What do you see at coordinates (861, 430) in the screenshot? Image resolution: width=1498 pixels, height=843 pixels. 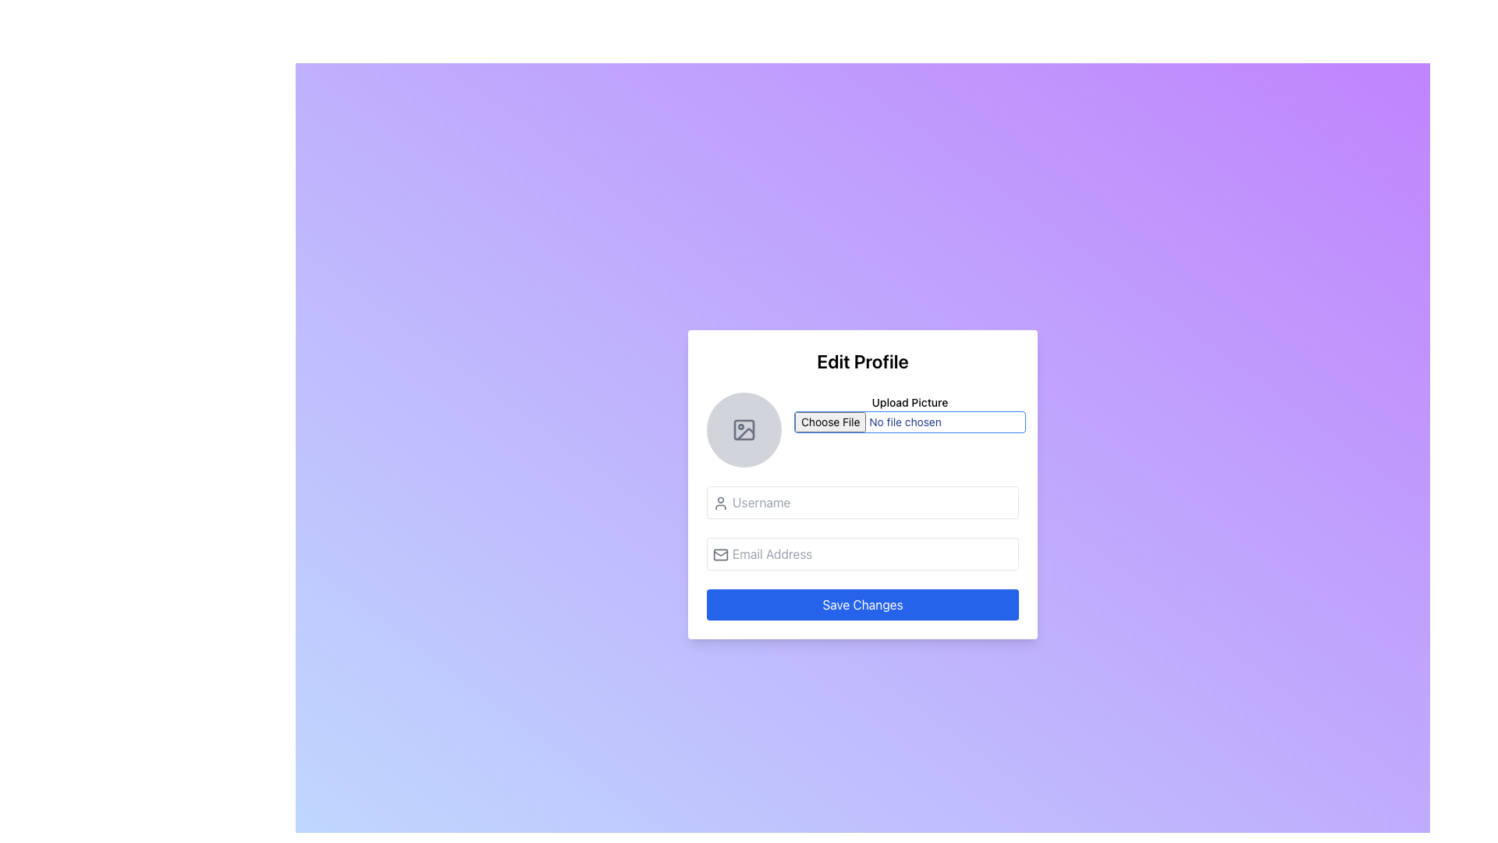 I see `the file input field labeled 'Upload Picture', which is located below the 'Edit Profile' heading and above the username and email fields` at bounding box center [861, 430].